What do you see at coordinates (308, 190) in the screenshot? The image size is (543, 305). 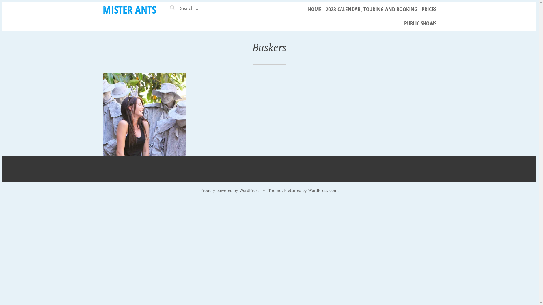 I see `'WordPress.com'` at bounding box center [308, 190].